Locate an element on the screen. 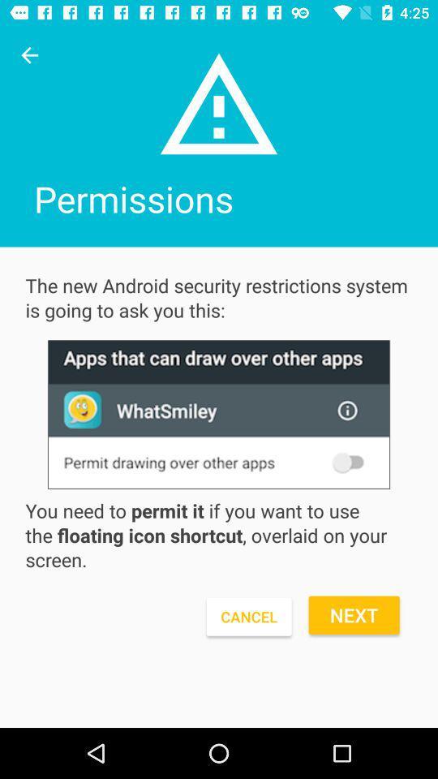  going back to the previous page is located at coordinates (29, 55).